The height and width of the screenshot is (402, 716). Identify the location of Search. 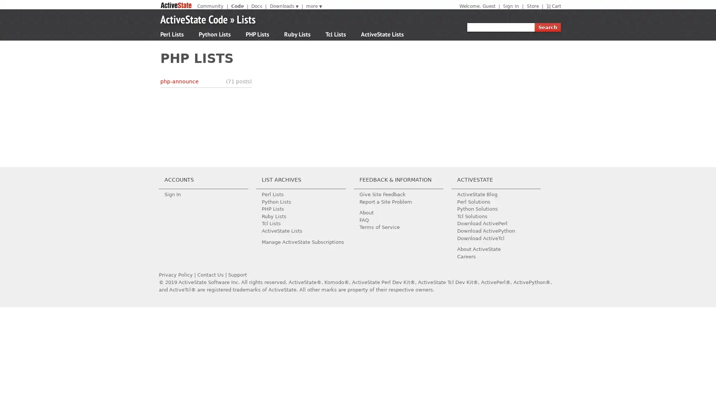
(547, 27).